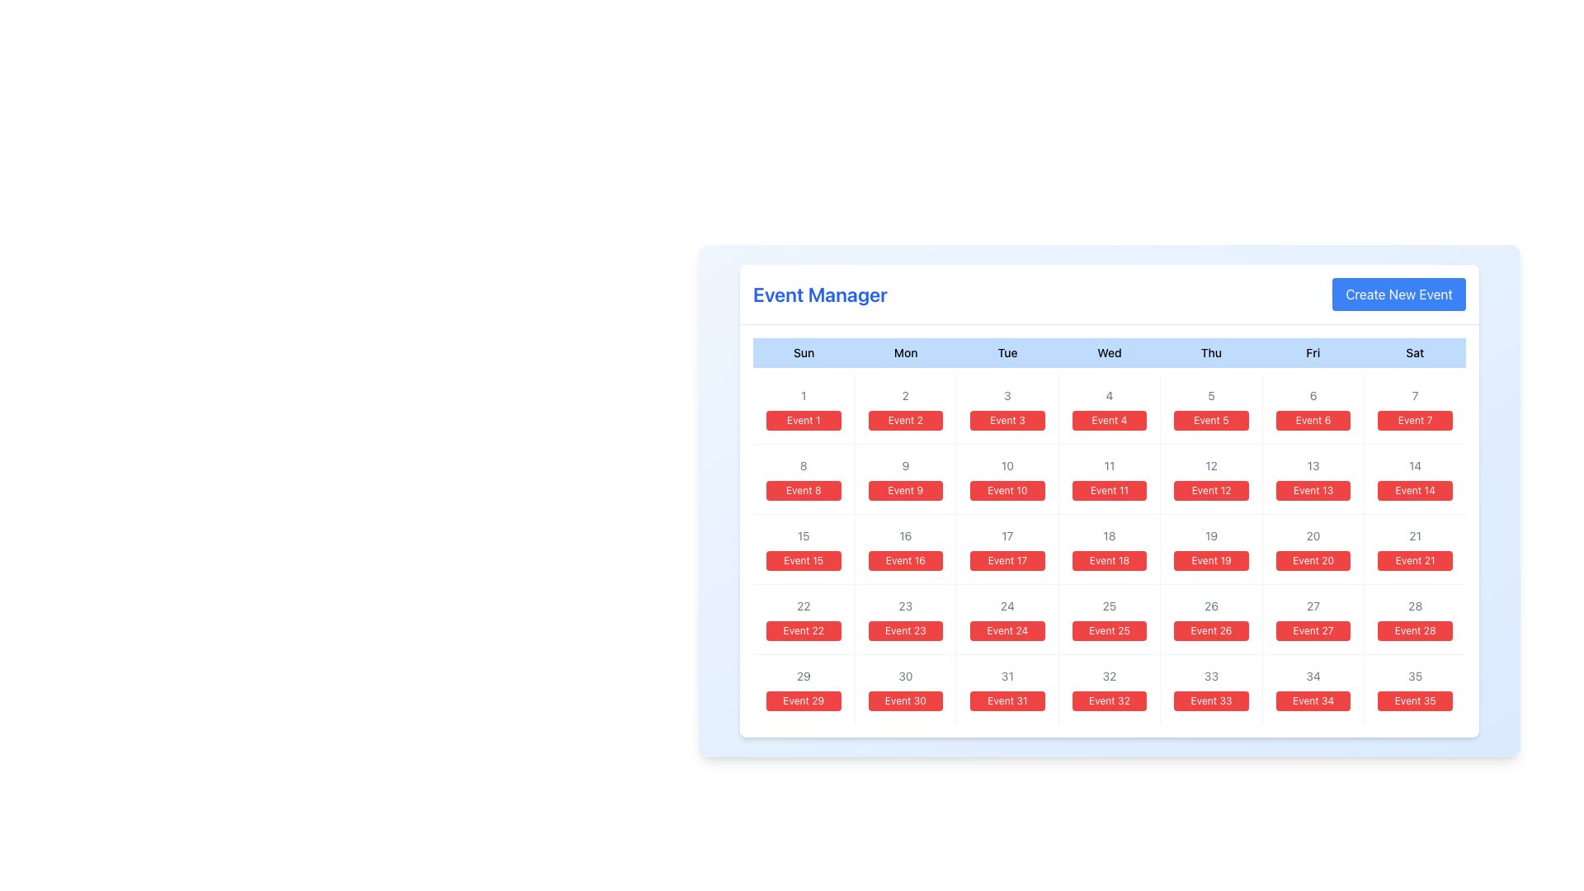  Describe the element at coordinates (1313, 408) in the screenshot. I see `the Calendar day cell displaying 'Event 6' below the day number, located in the grid under 'Event Manager' in the first row and sixth cell, corresponding to 'Fri'` at that location.